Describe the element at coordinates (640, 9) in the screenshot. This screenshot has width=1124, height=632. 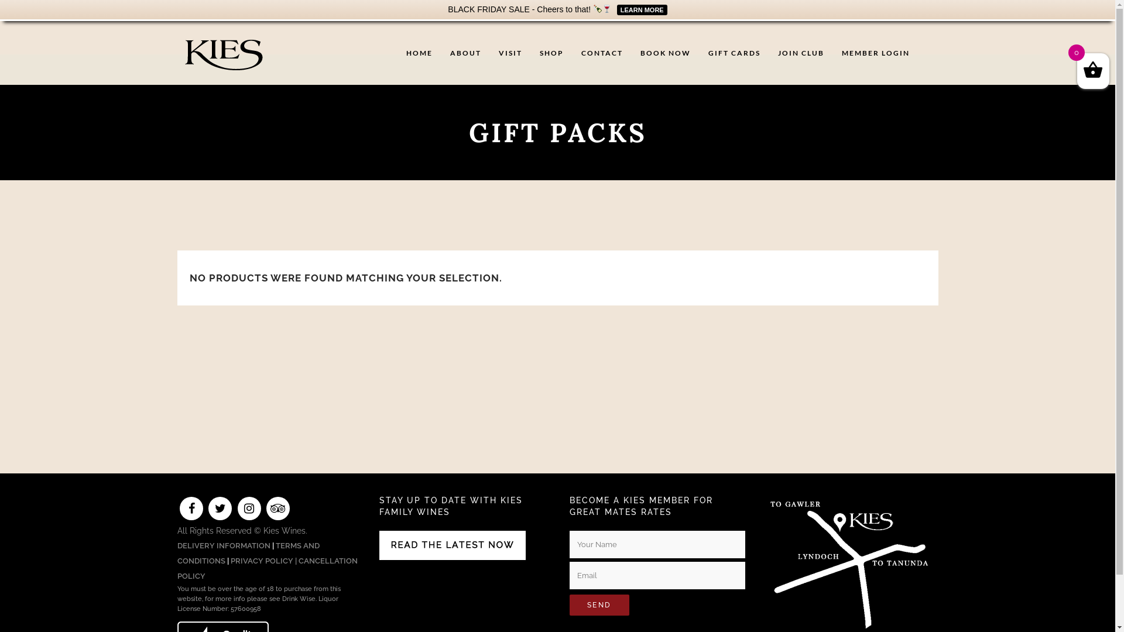
I see `'LEARN MORE'` at that location.